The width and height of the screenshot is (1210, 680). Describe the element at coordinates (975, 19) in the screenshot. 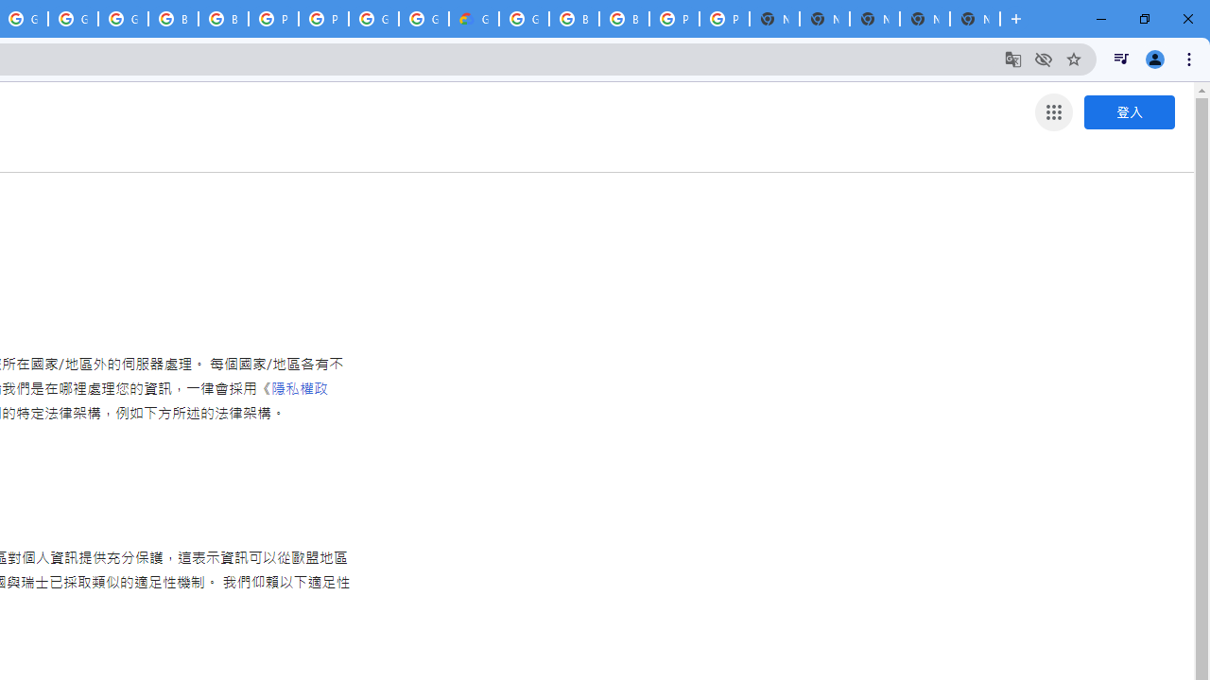

I see `'New Tab'` at that location.